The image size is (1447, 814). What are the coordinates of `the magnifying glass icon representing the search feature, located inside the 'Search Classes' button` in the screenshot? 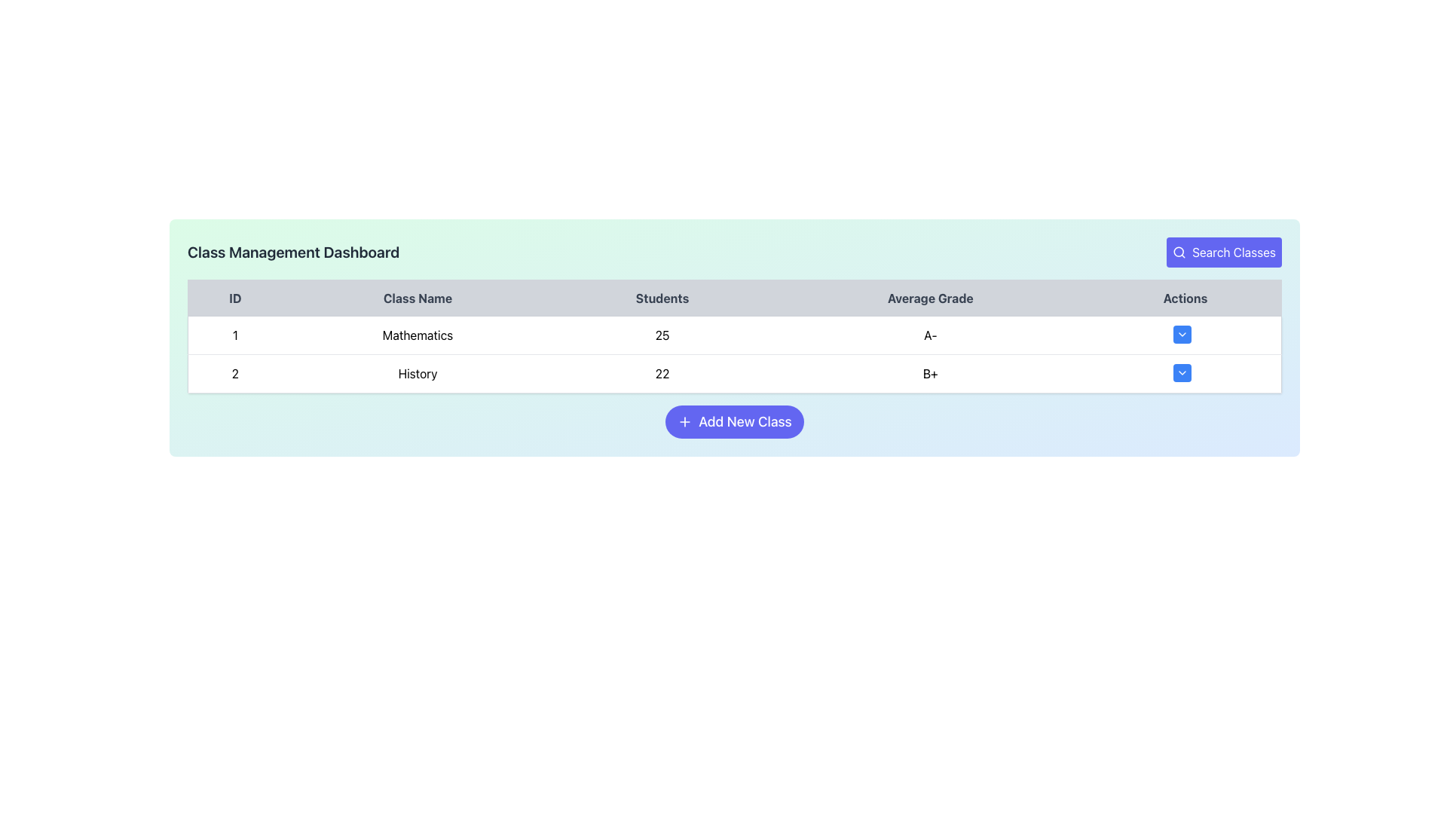 It's located at (1178, 252).